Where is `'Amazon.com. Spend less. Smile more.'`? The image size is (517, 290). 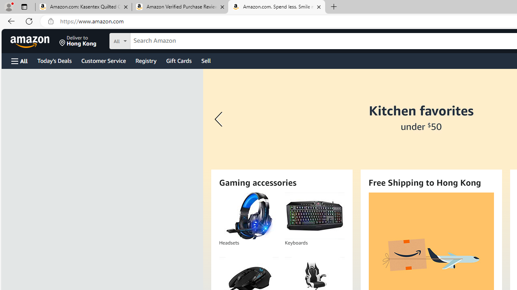
'Amazon.com. Spend less. Smile more.' is located at coordinates (276, 7).